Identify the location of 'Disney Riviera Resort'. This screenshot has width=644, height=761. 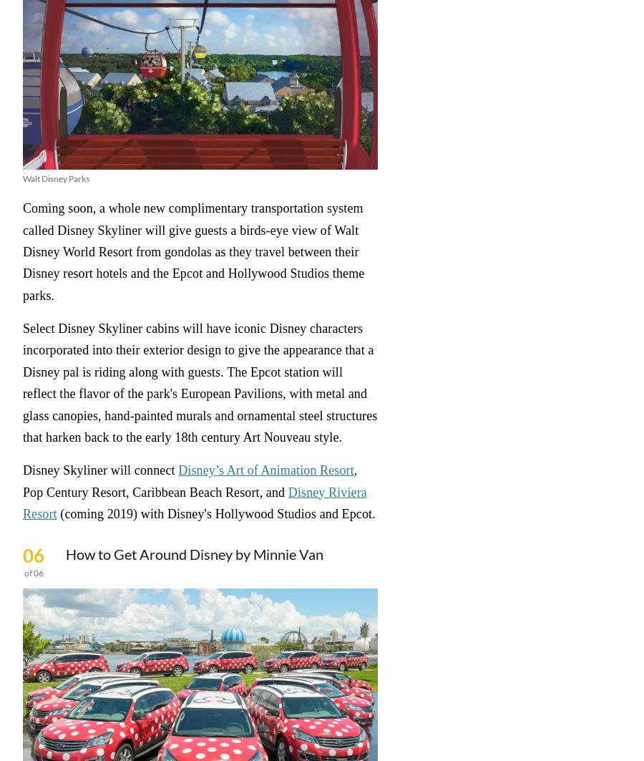
(193, 502).